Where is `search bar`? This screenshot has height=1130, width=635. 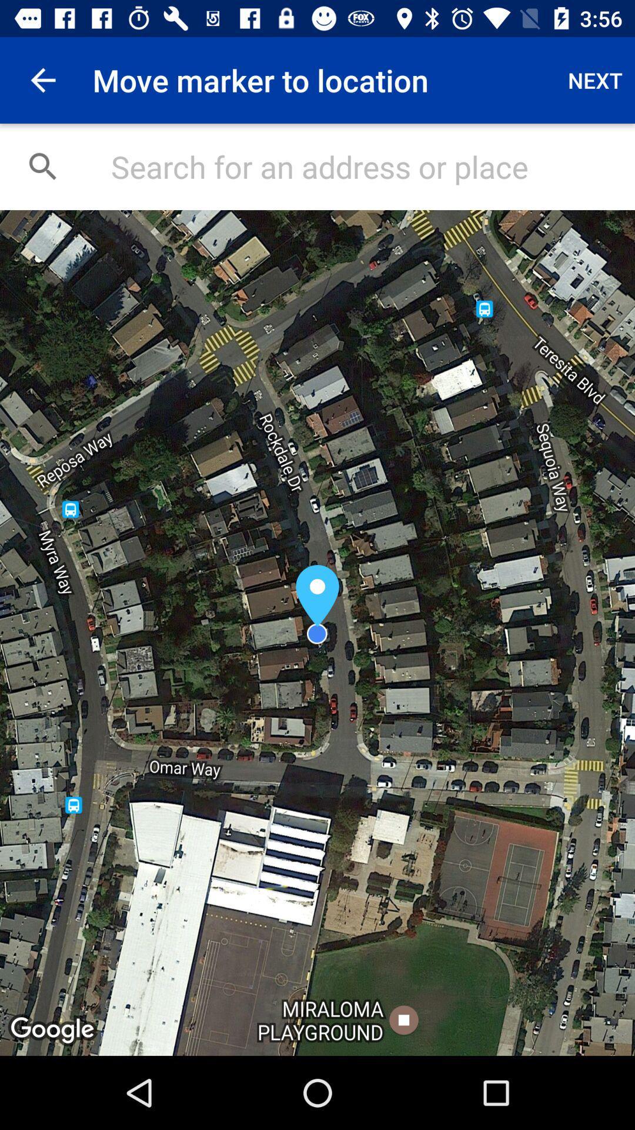
search bar is located at coordinates (360, 166).